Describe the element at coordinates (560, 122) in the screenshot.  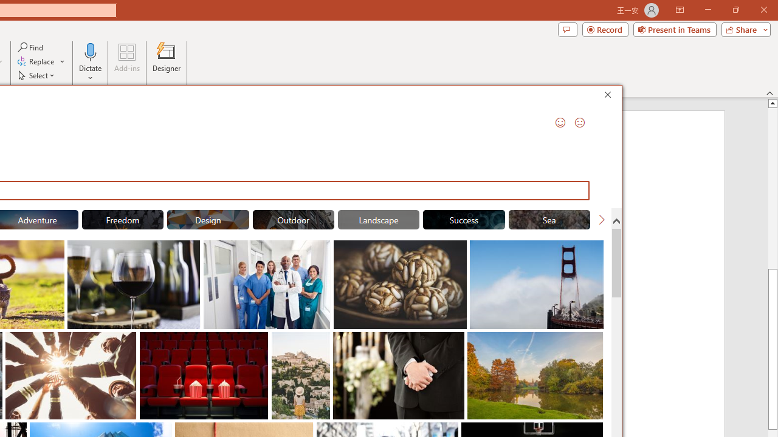
I see `'Send a Smile'` at that location.